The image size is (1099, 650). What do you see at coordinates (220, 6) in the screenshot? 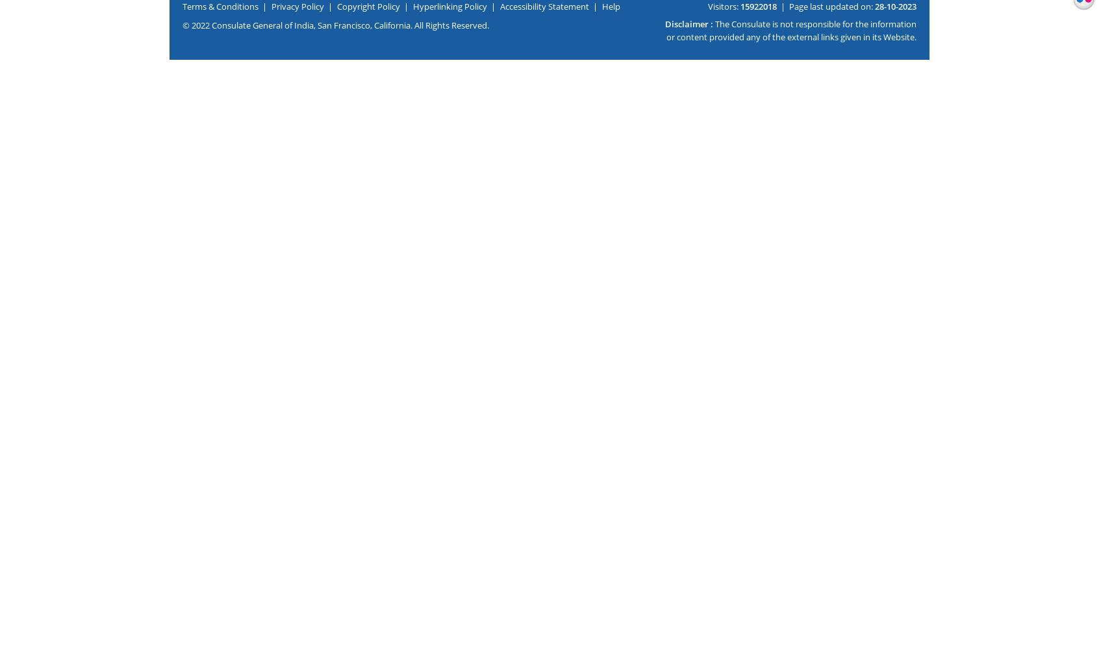
I see `'Terms & Conditions'` at bounding box center [220, 6].